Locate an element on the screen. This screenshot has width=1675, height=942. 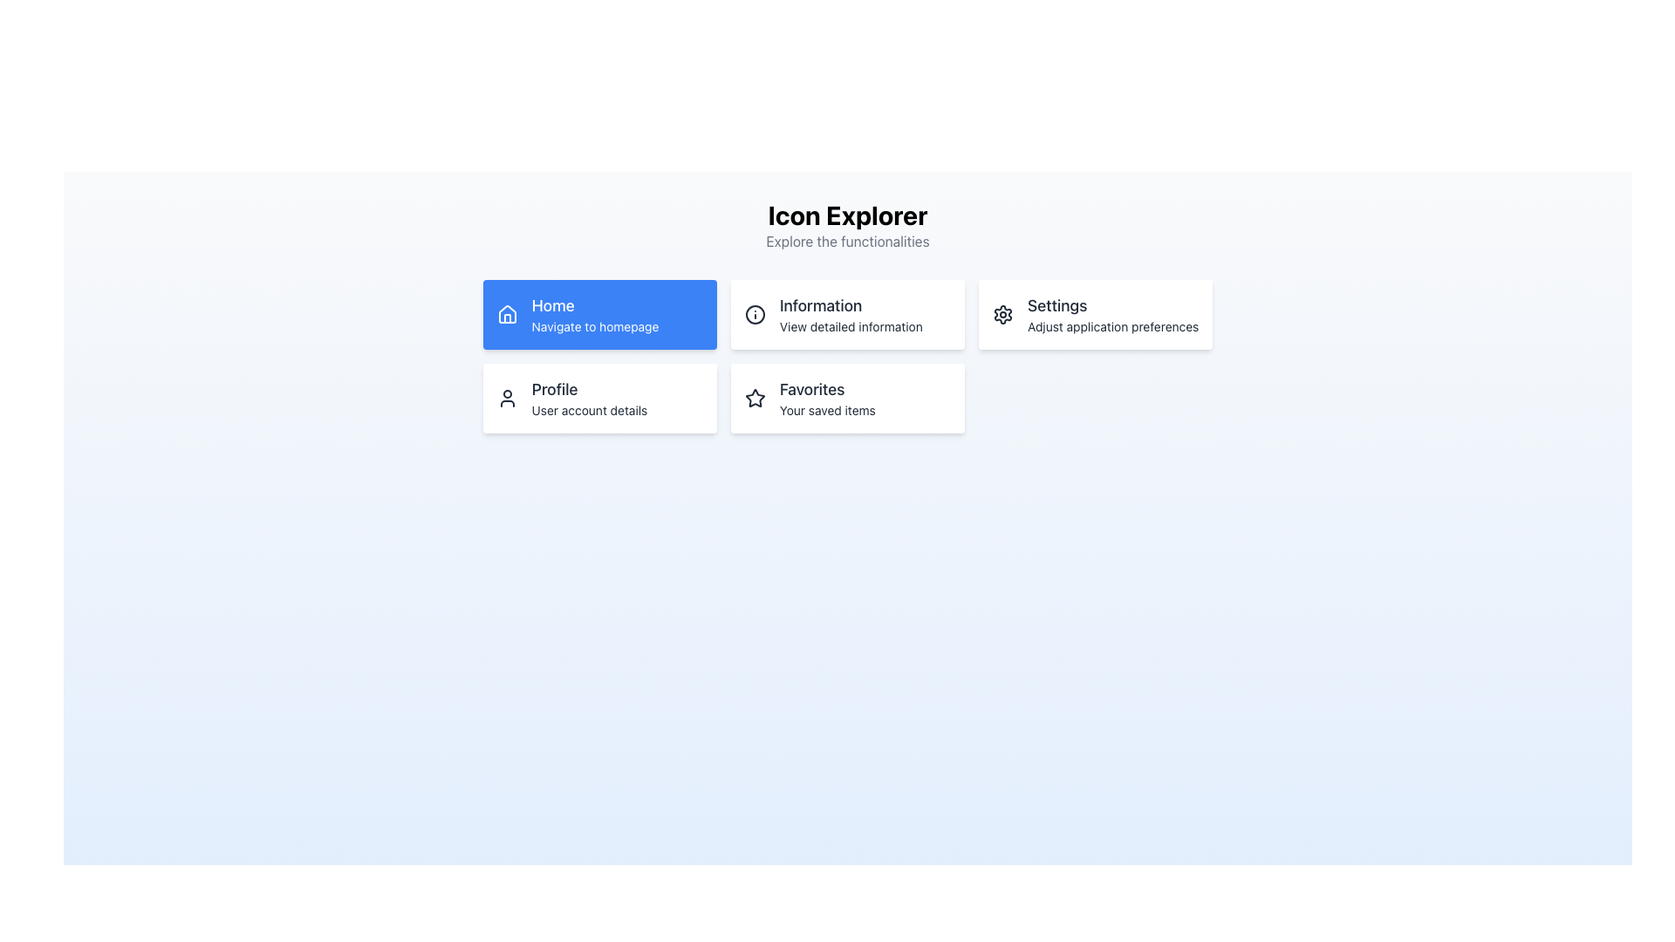
the text label displaying 'Your saved items' which is located below the 'Favorites' section in the lower-right part of the grid is located at coordinates (826, 410).